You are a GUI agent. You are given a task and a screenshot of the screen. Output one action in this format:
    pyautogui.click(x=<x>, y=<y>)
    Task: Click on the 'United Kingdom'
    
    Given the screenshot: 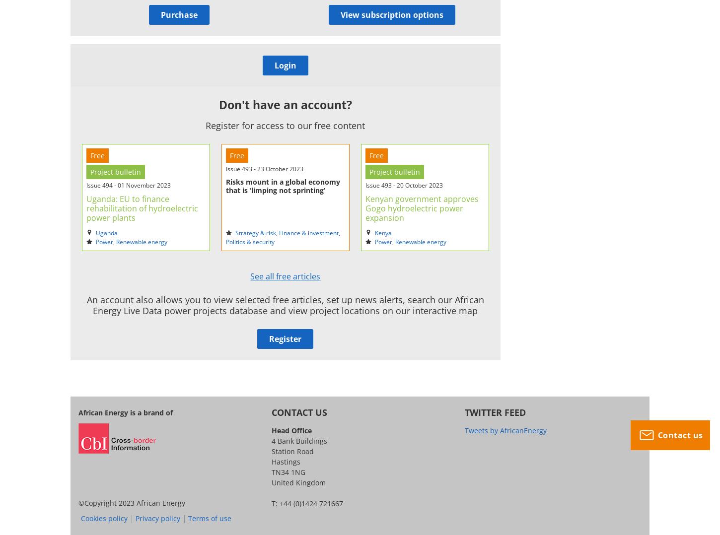 What is the action you would take?
    pyautogui.click(x=298, y=482)
    